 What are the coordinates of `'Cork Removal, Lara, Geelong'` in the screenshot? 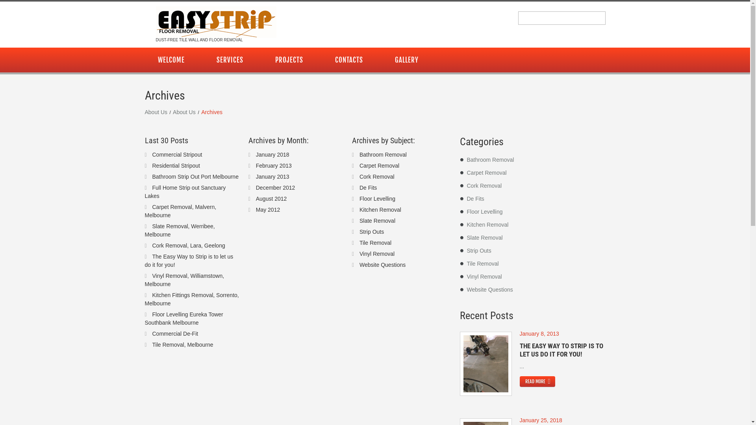 It's located at (188, 245).